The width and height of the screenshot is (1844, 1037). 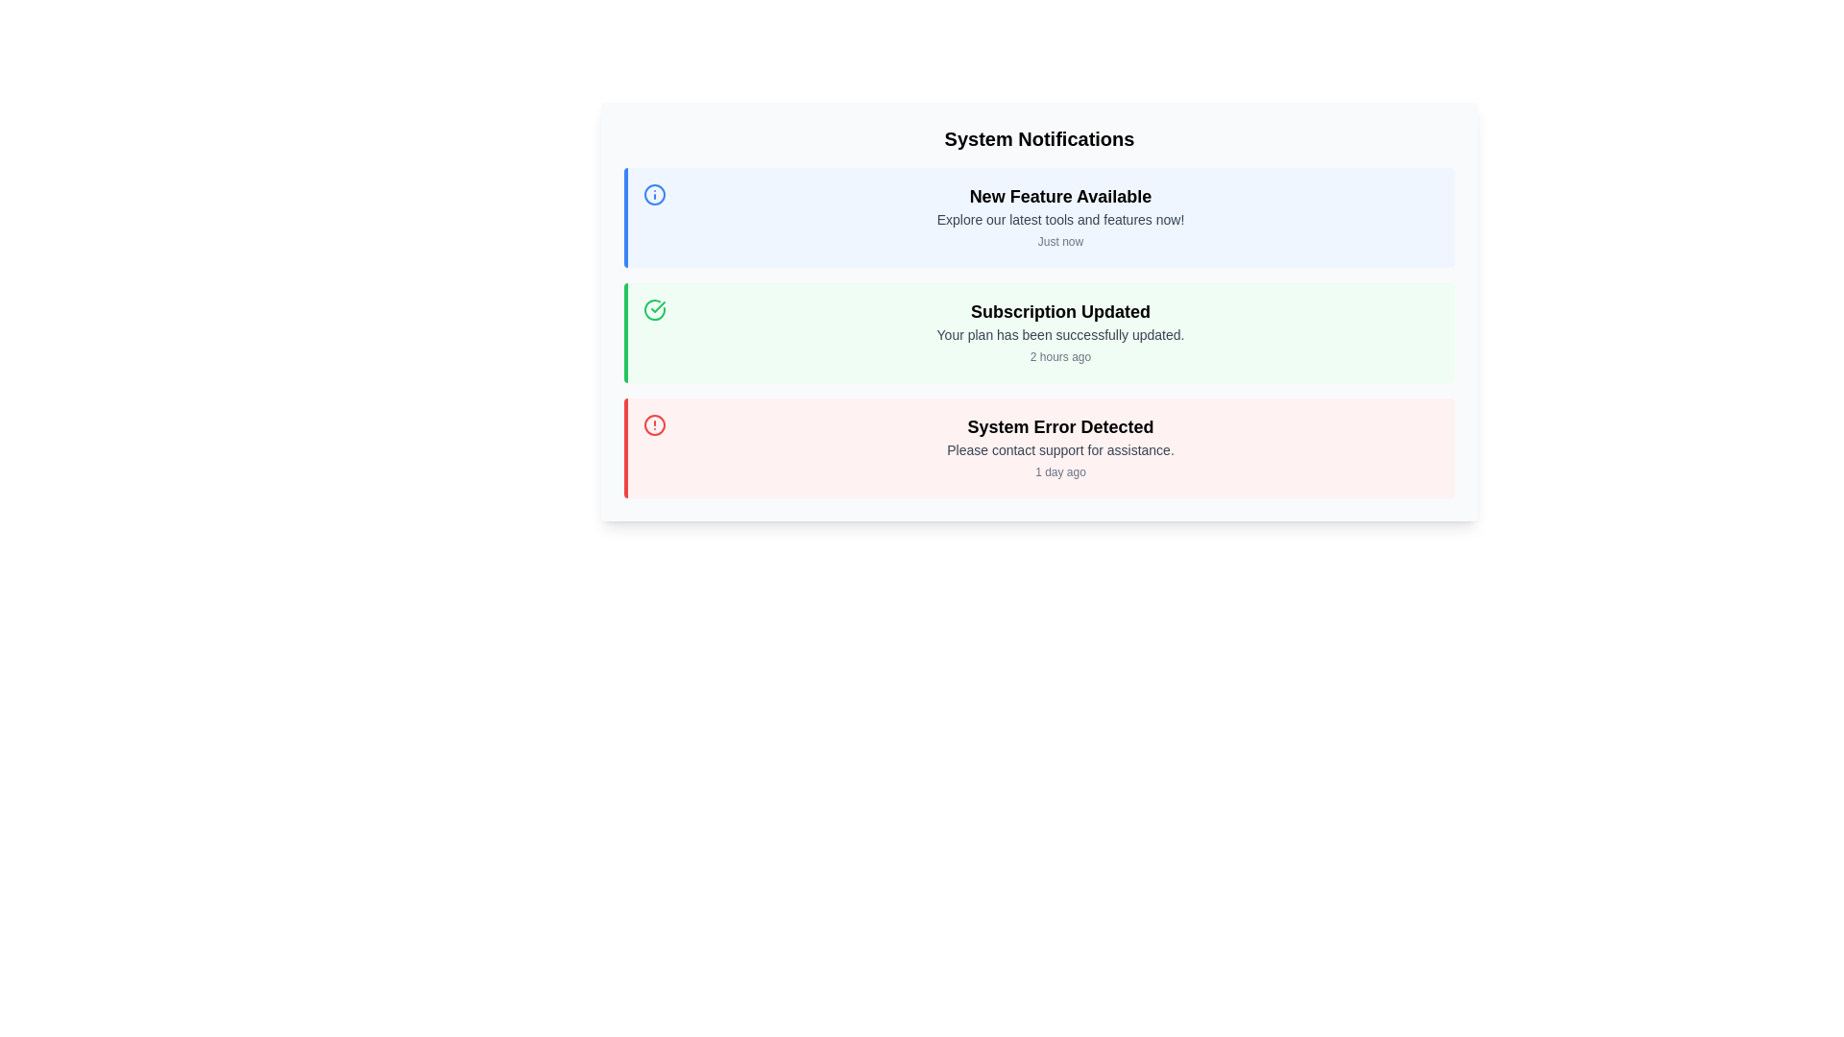 I want to click on the text label reading 'Subscription Updated', which is a bold heading styled in black on a light green background, positioned at the top of the second notification box, so click(x=1059, y=310).